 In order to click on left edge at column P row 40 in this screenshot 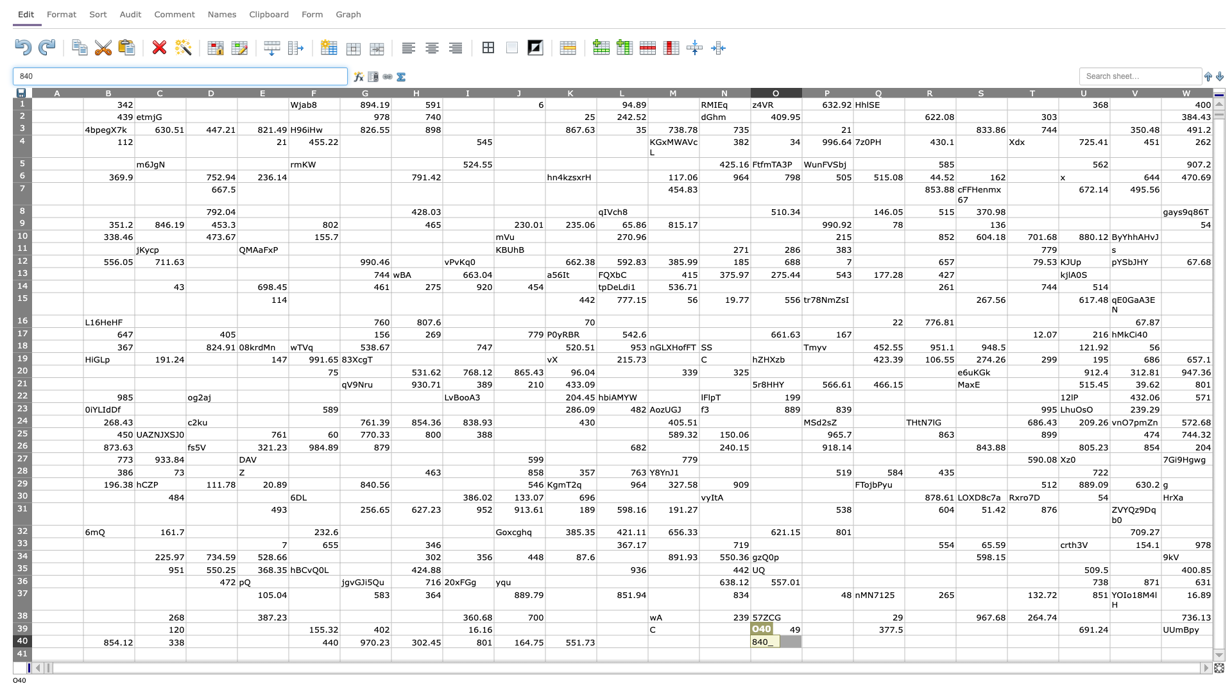, I will do `click(801, 641)`.